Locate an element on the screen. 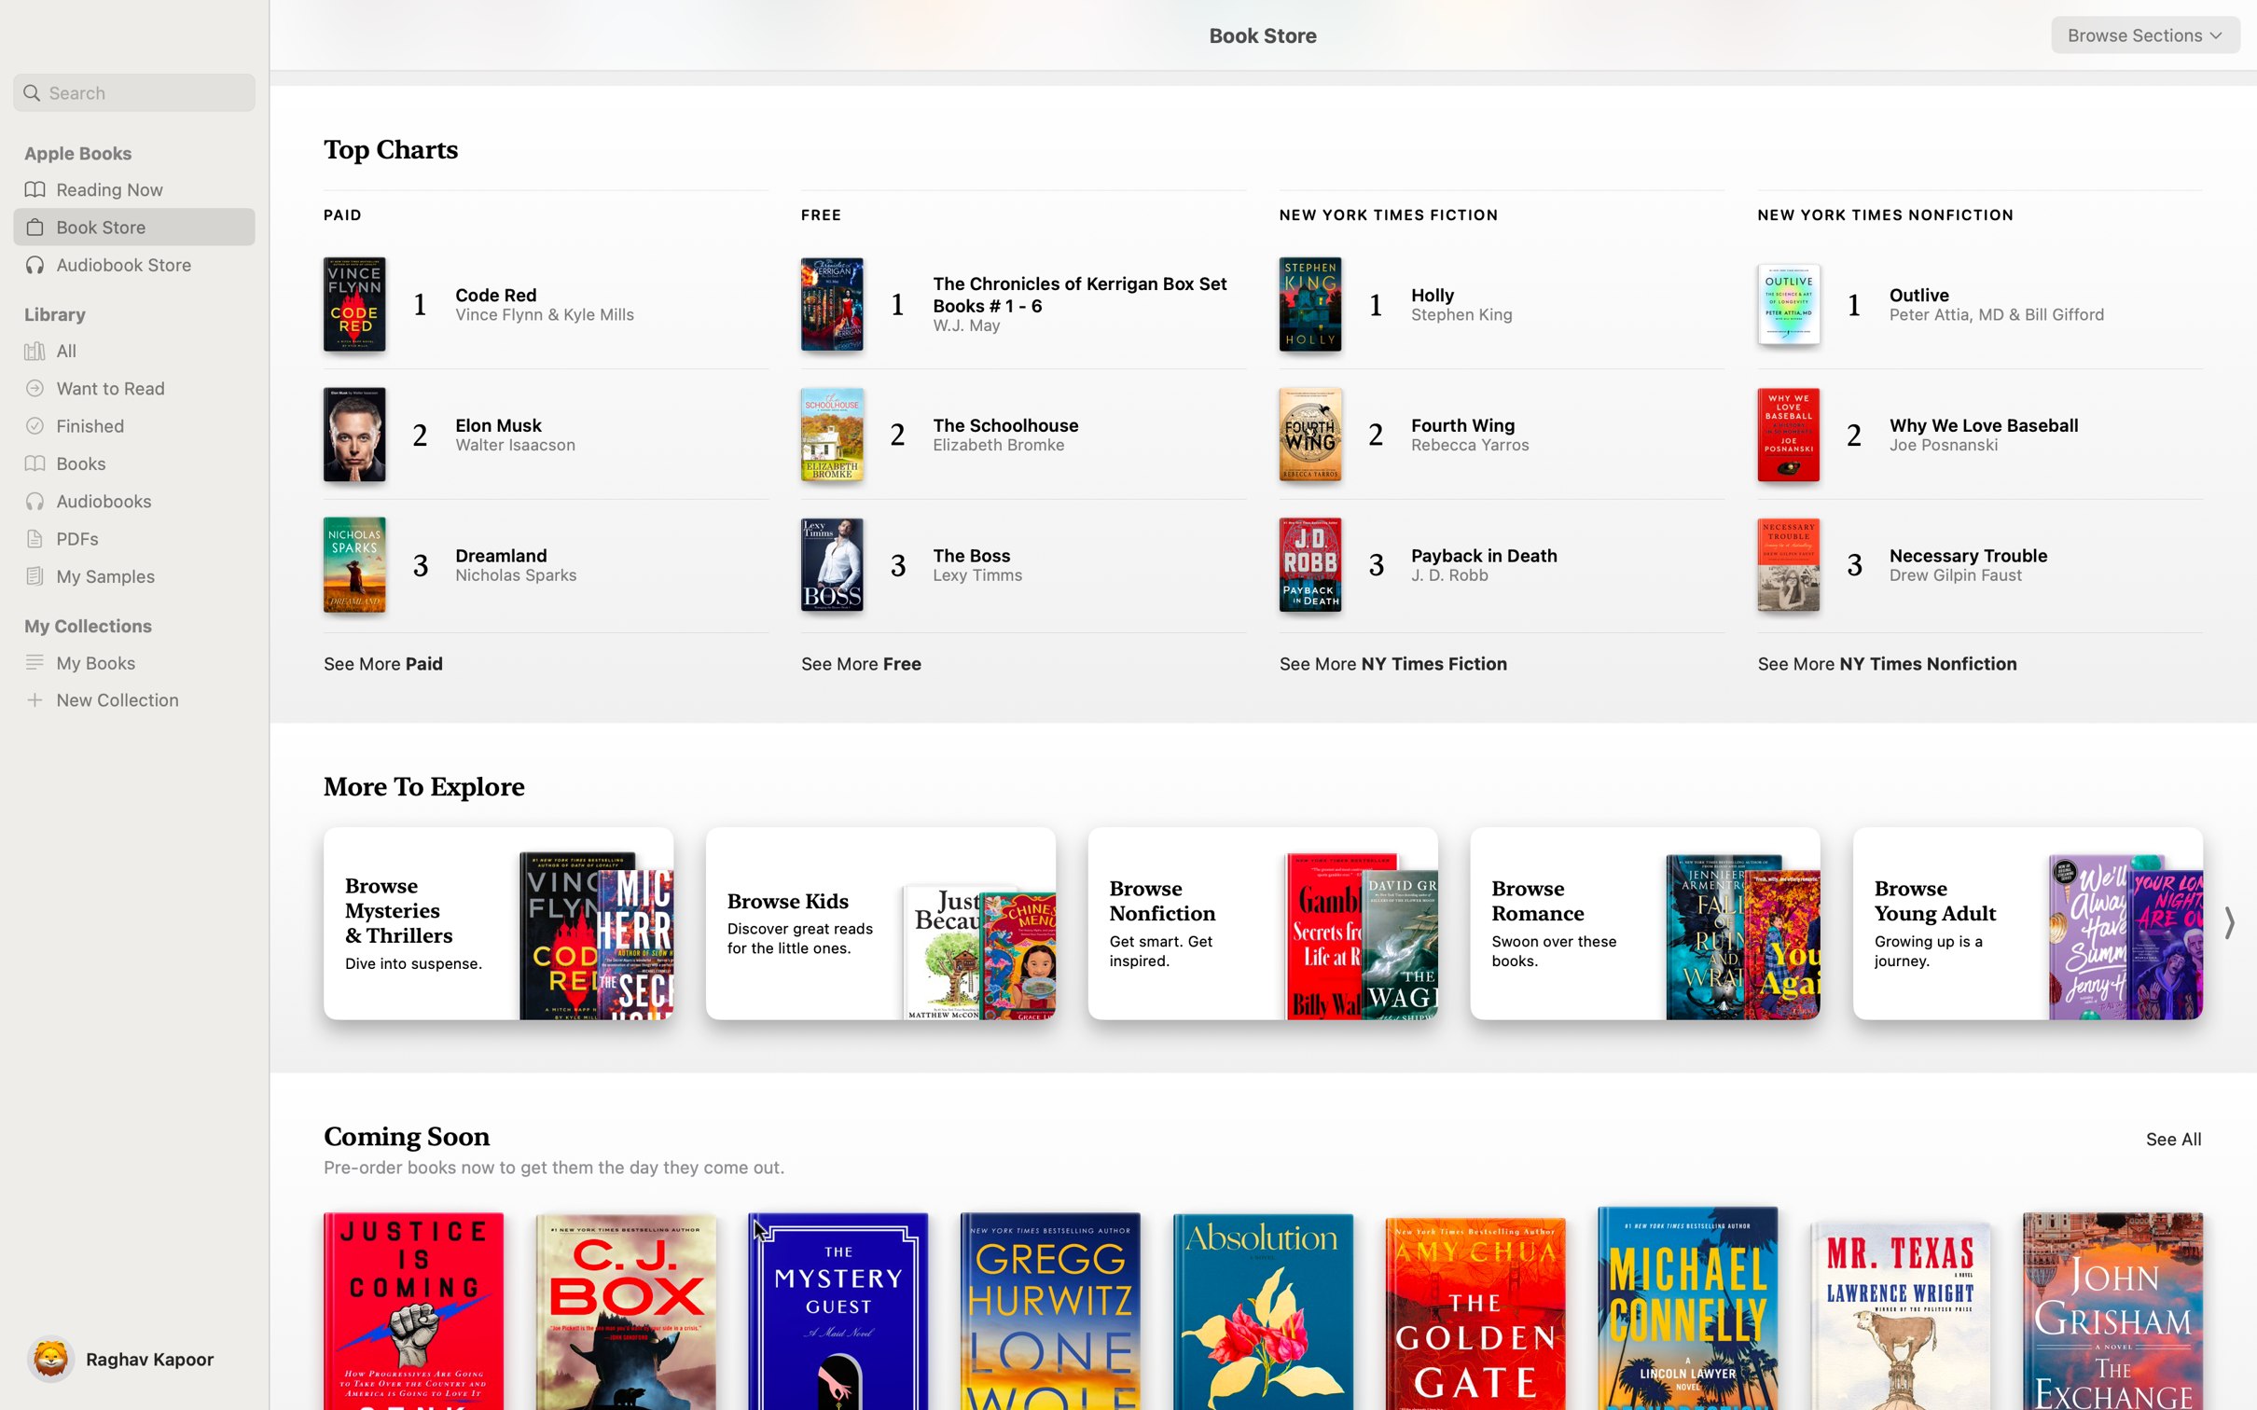 This screenshot has width=2257, height=1410. Read "Dreamland" from Paid Top Charts is located at coordinates (528, 565).